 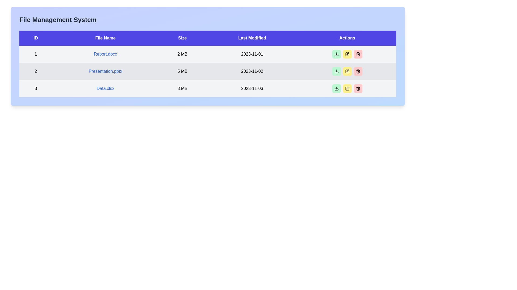 I want to click on the download button with an icon in the 'Actions' column of the first row to download the file 'Report.docx', so click(x=336, y=54).